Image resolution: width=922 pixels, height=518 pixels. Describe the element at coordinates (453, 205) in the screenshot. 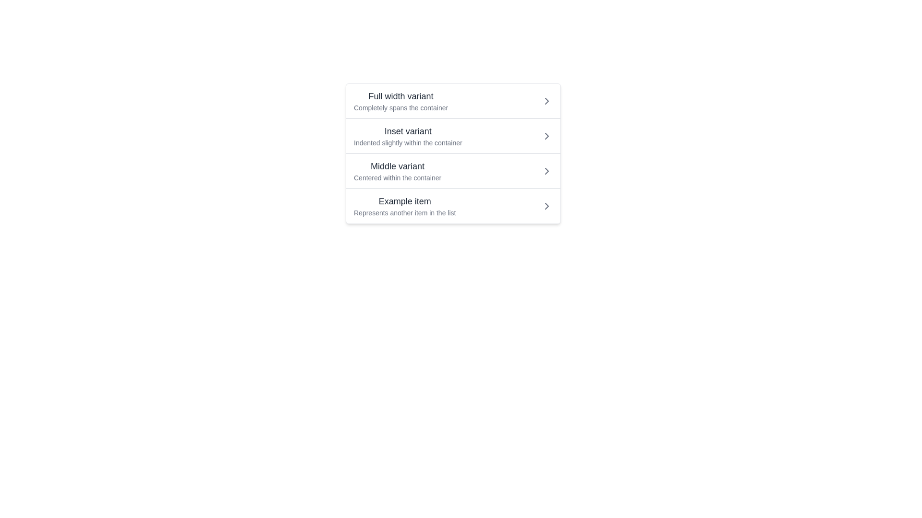

I see `the fourth item in the vertically stacked list that has the title 'Example item' and a subtitle 'Represents another item in the list'` at that location.